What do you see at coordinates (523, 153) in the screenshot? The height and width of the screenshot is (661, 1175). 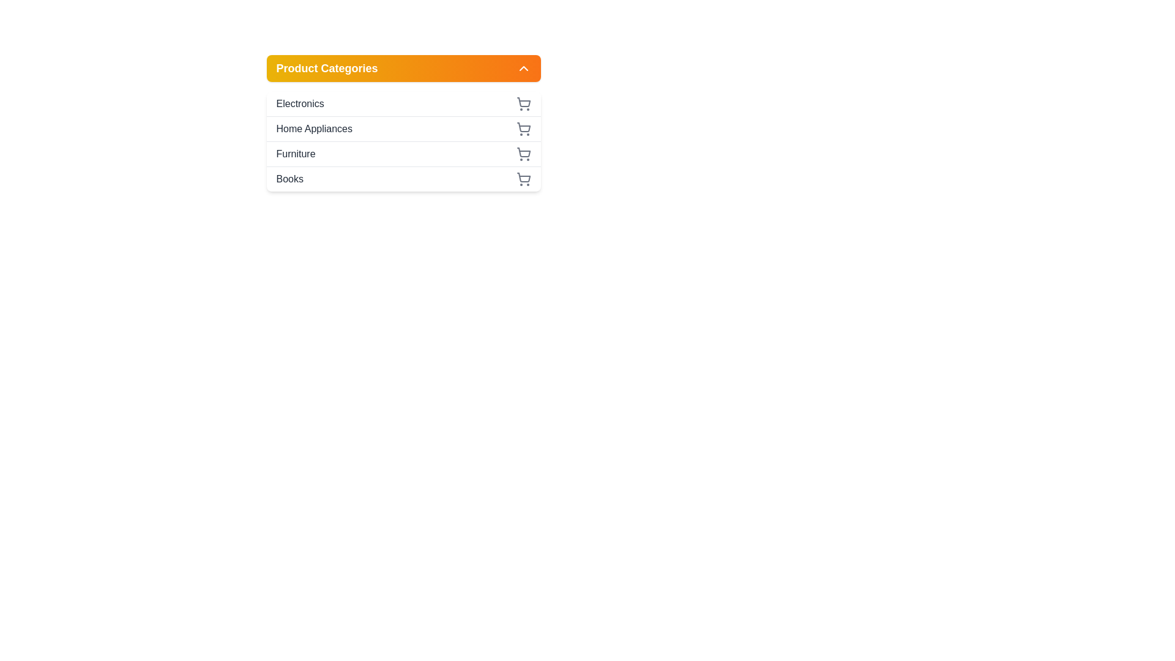 I see `the third shopping cart icon to the far right of the 'Furniture' label in the 'Product Categories' dropdown` at bounding box center [523, 153].